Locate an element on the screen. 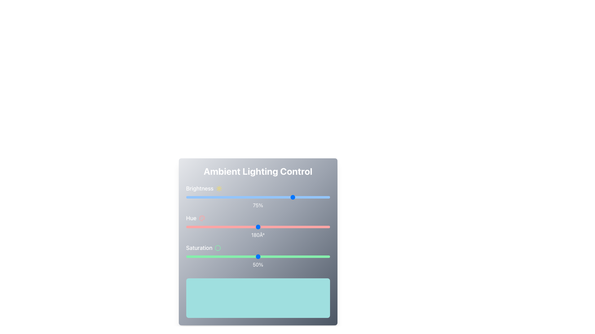 This screenshot has height=334, width=595. hue is located at coordinates (226, 227).